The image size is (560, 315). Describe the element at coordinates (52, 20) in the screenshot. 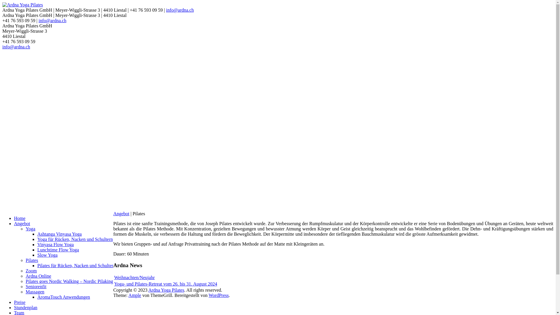

I see `'info@ardna.ch'` at that location.